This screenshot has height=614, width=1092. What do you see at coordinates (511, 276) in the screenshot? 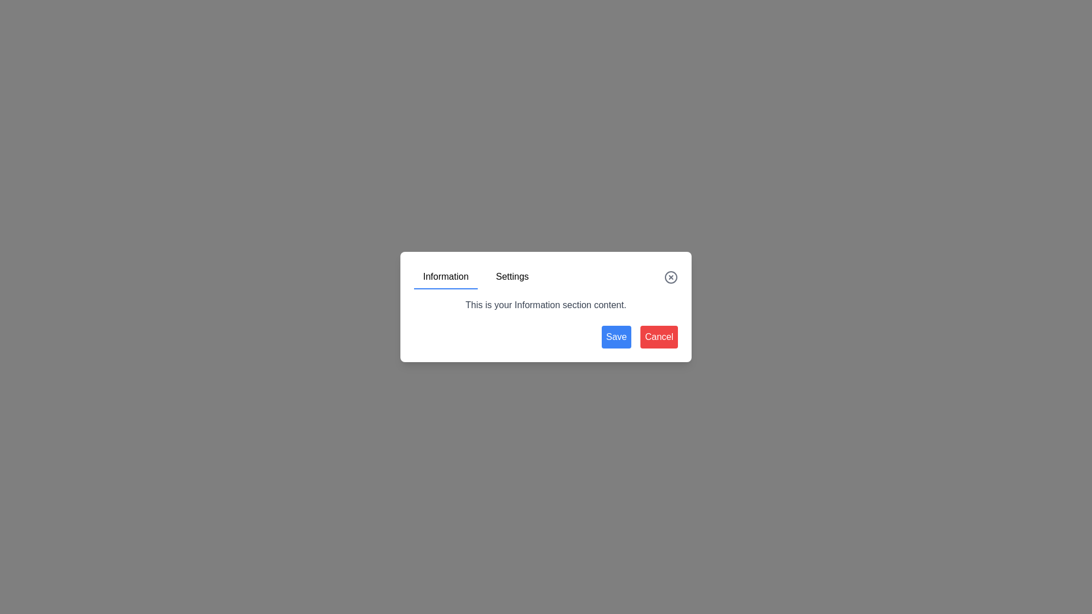
I see `the 'Settings' navigation tab, which is styled as a text label and positioned to the right of the 'Information' tab at the top of the content box, for visual feedback` at bounding box center [511, 276].